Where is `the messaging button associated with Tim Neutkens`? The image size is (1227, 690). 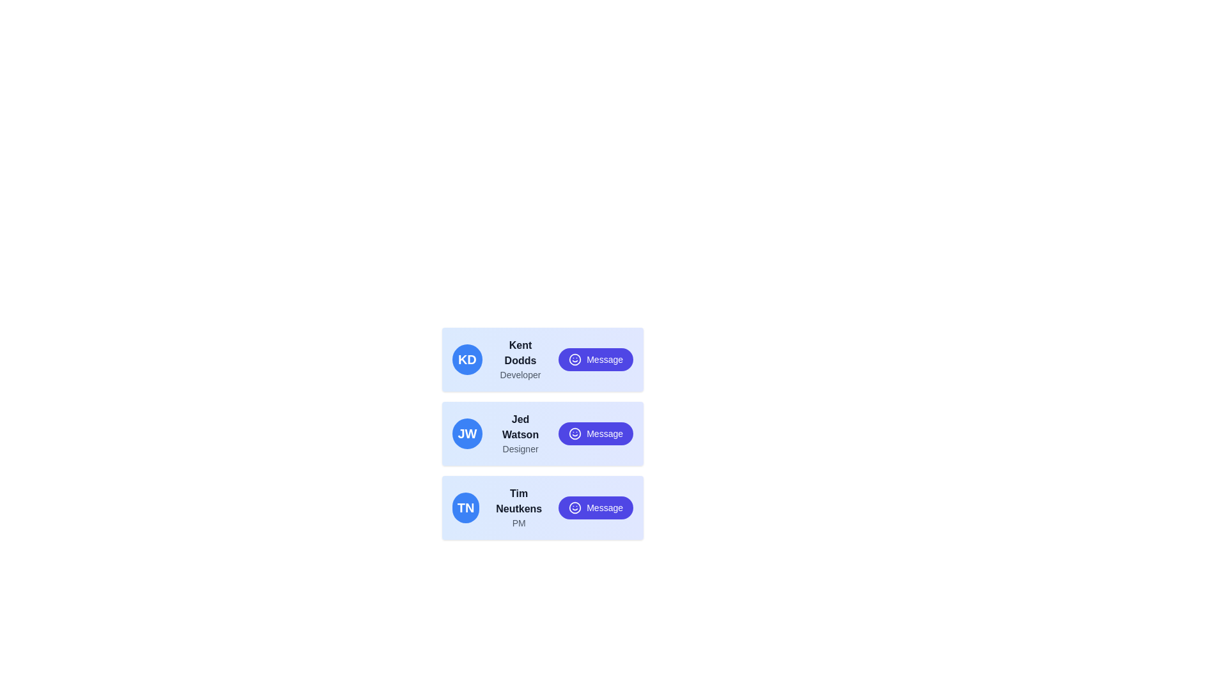
the messaging button associated with Tim Neutkens is located at coordinates (595, 507).